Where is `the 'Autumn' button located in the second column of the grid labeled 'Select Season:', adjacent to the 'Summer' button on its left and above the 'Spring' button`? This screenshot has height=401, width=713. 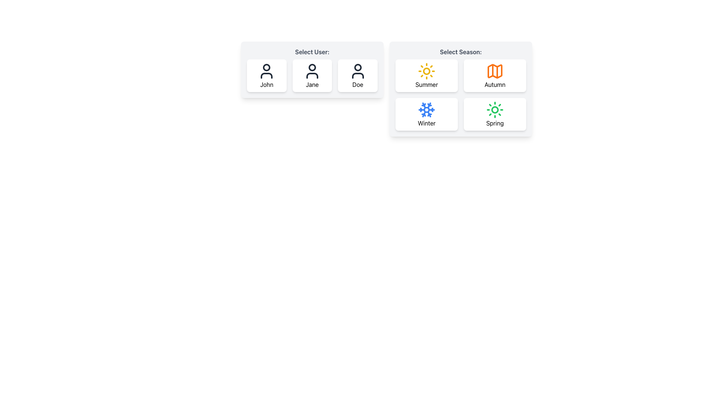 the 'Autumn' button located in the second column of the grid labeled 'Select Season:', adjacent to the 'Summer' button on its left and above the 'Spring' button is located at coordinates (495, 76).